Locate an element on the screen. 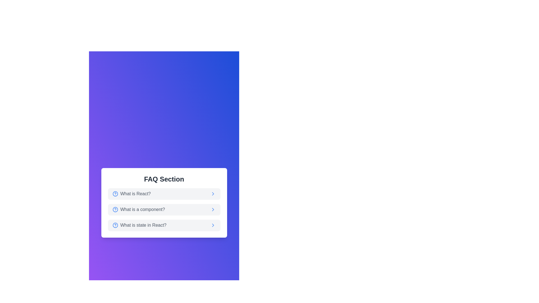  the right-side icon of the second item in the FAQ list is located at coordinates (213, 210).